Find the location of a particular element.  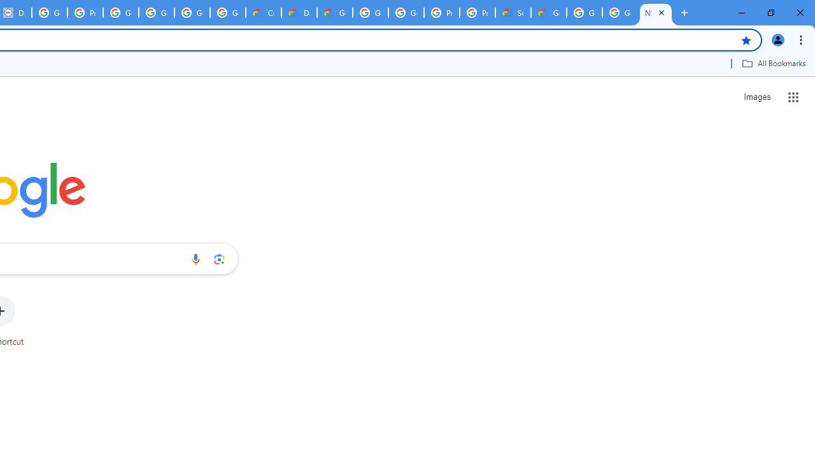

'Gemini for Business and Developers | Google Cloud' is located at coordinates (335, 13).